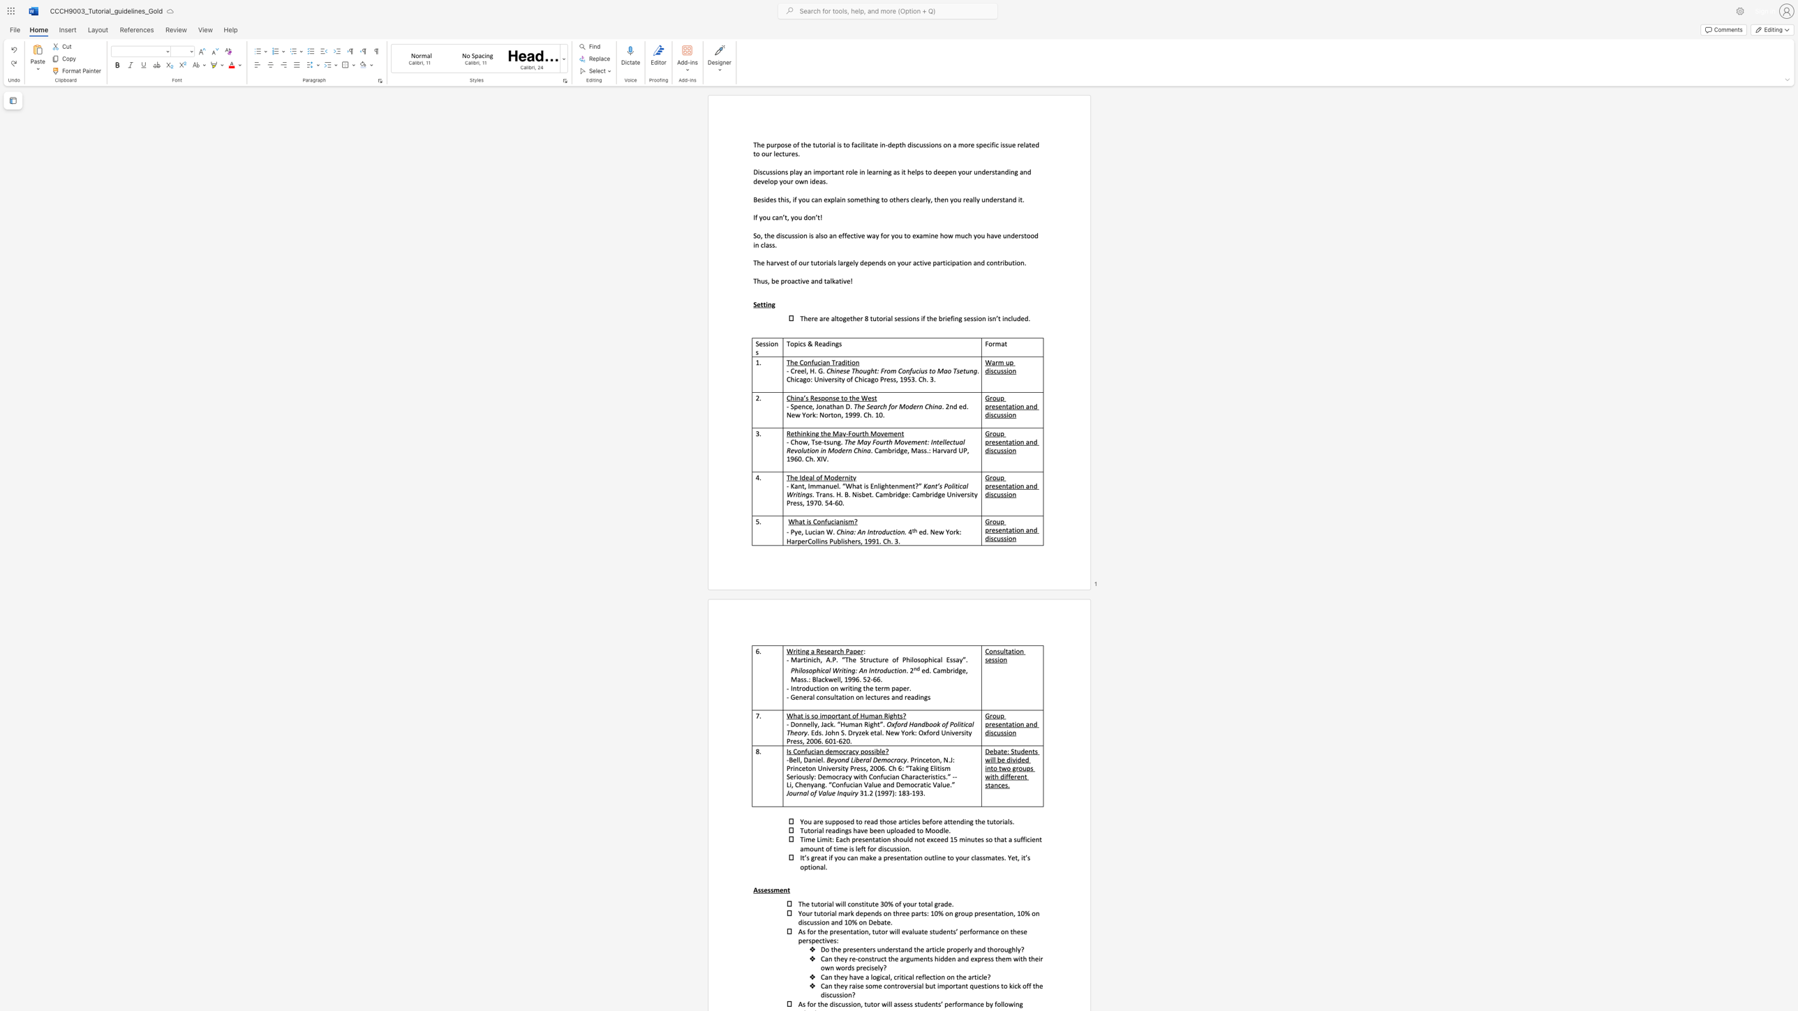 Image resolution: width=1798 pixels, height=1011 pixels. Describe the element at coordinates (927, 171) in the screenshot. I see `the subset text "o deepen your un" within the text "Discussions play an important role in learning as it helps to deepen your understanding and develop your own ideas."` at that location.